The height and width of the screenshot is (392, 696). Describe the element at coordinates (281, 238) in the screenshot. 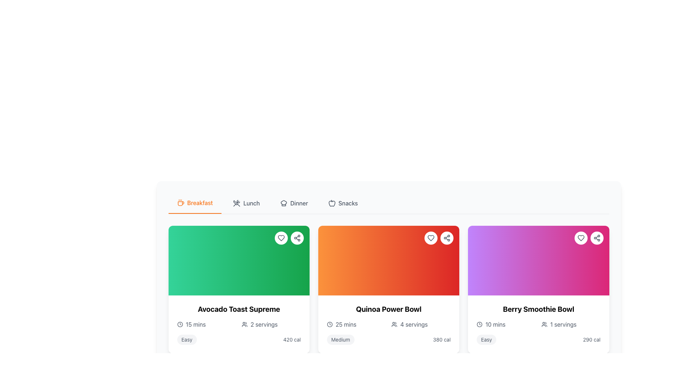

I see `the 'like' button located at the top-right corner of the green card labeled 'Avocado Toast Supreme' to trigger a color change` at that location.